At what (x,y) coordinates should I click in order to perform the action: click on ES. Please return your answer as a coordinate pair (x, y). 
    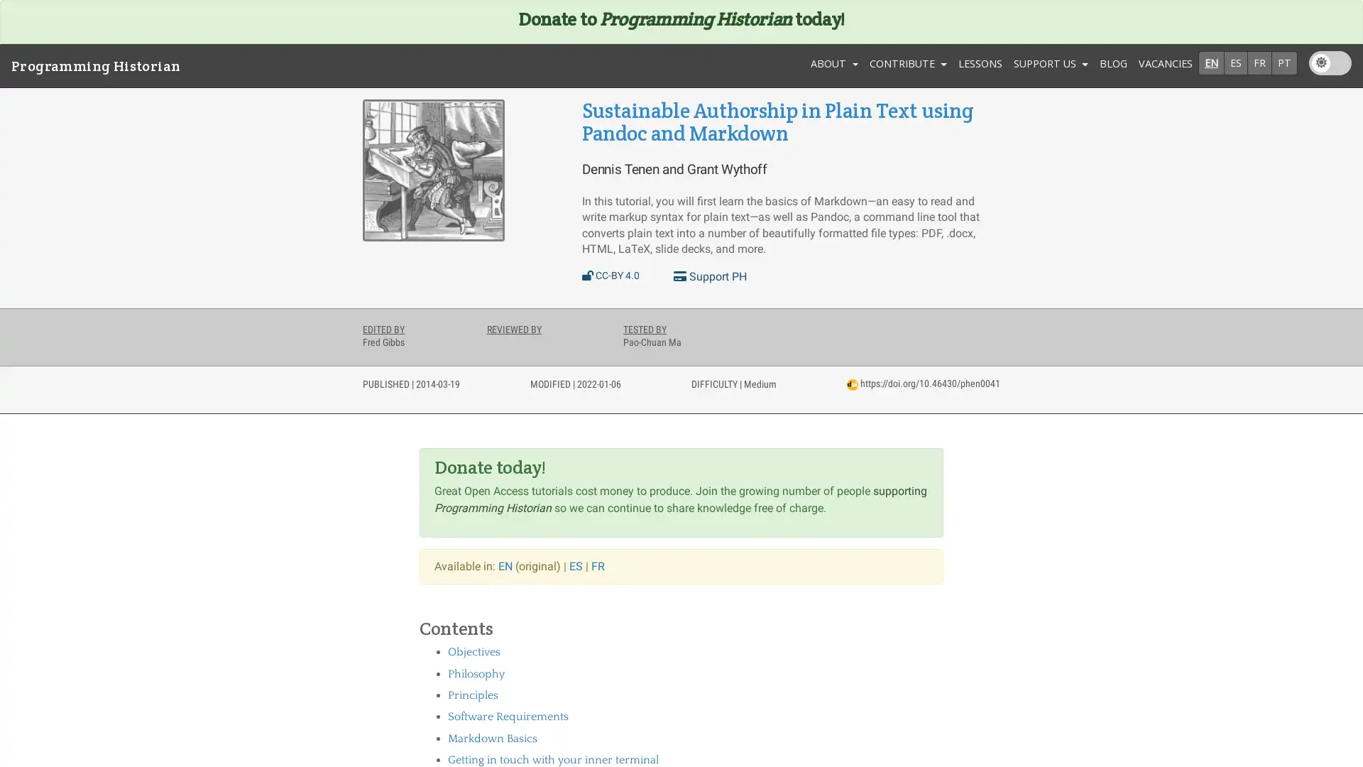
    Looking at the image, I should click on (1235, 62).